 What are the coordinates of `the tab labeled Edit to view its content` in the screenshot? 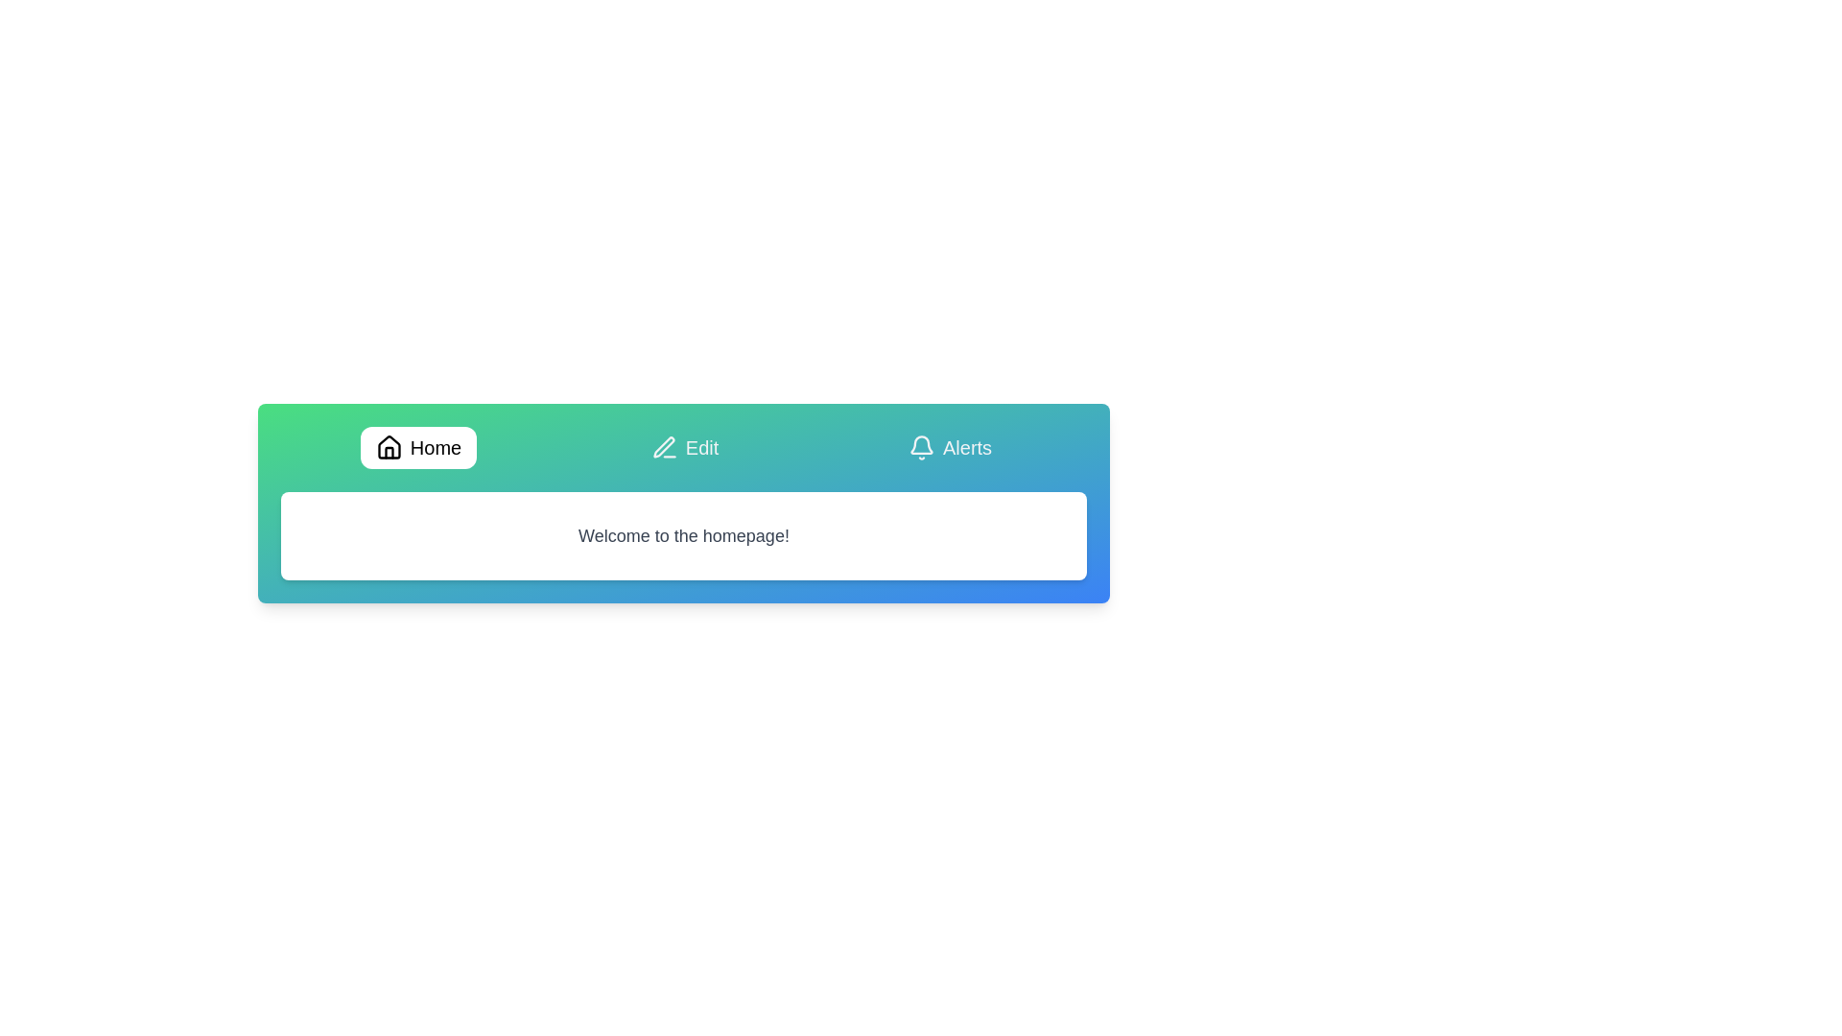 It's located at (685, 447).